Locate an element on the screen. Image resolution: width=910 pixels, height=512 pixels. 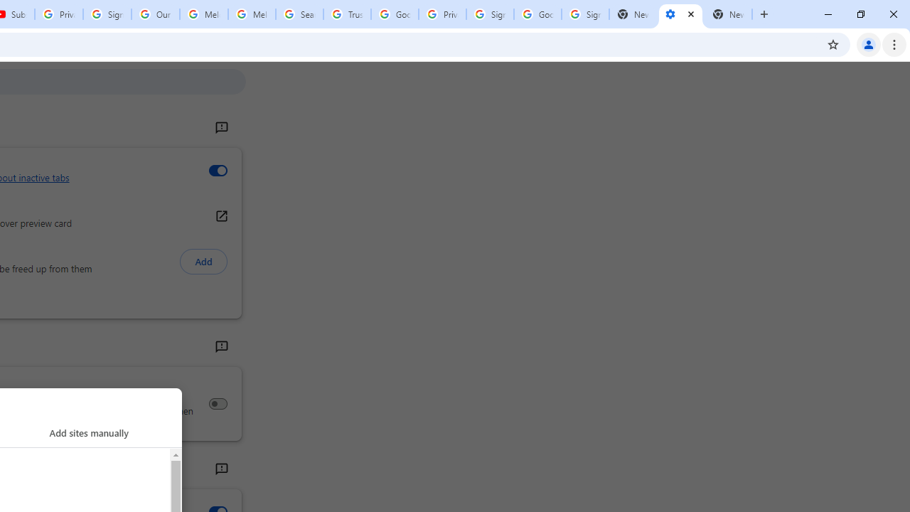
'Settings - Performance' is located at coordinates (680, 14).